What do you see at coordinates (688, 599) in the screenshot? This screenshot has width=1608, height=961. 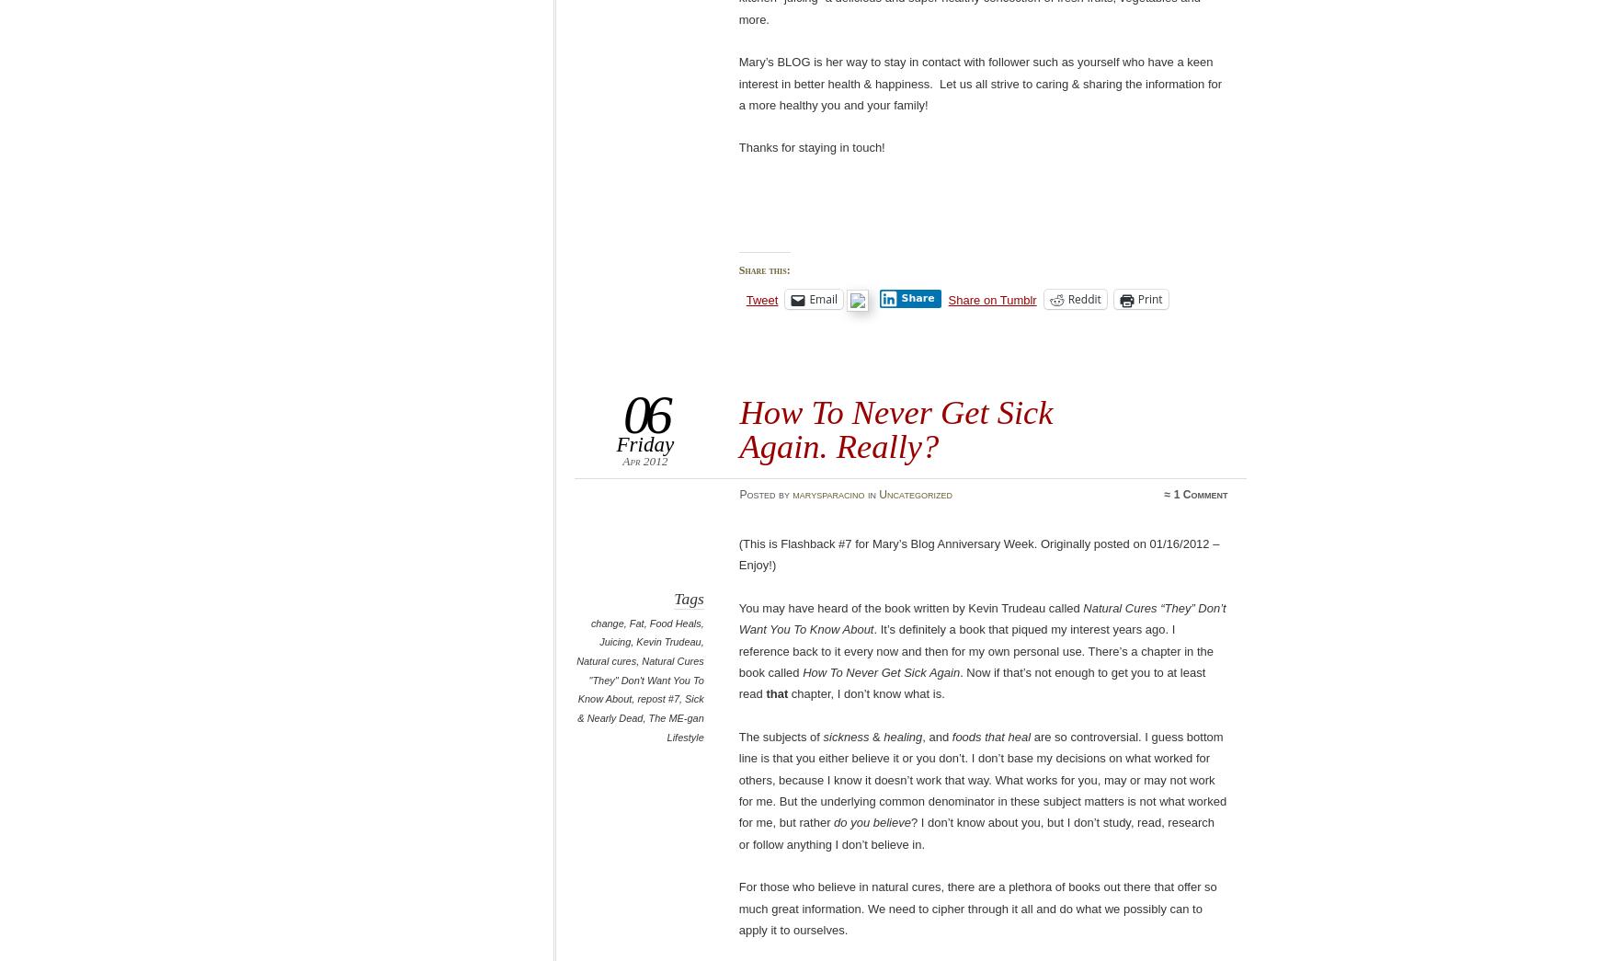 I see `'Tags'` at bounding box center [688, 599].